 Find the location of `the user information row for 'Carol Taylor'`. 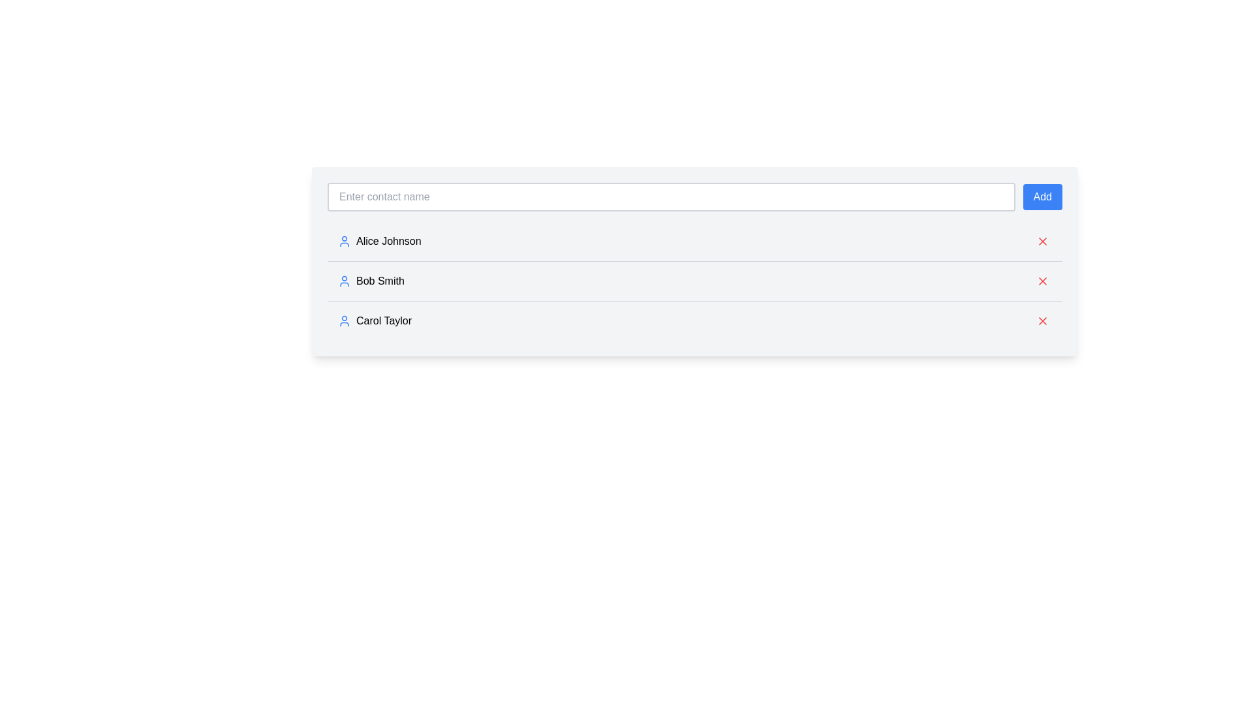

the user information row for 'Carol Taylor' is located at coordinates (694, 321).